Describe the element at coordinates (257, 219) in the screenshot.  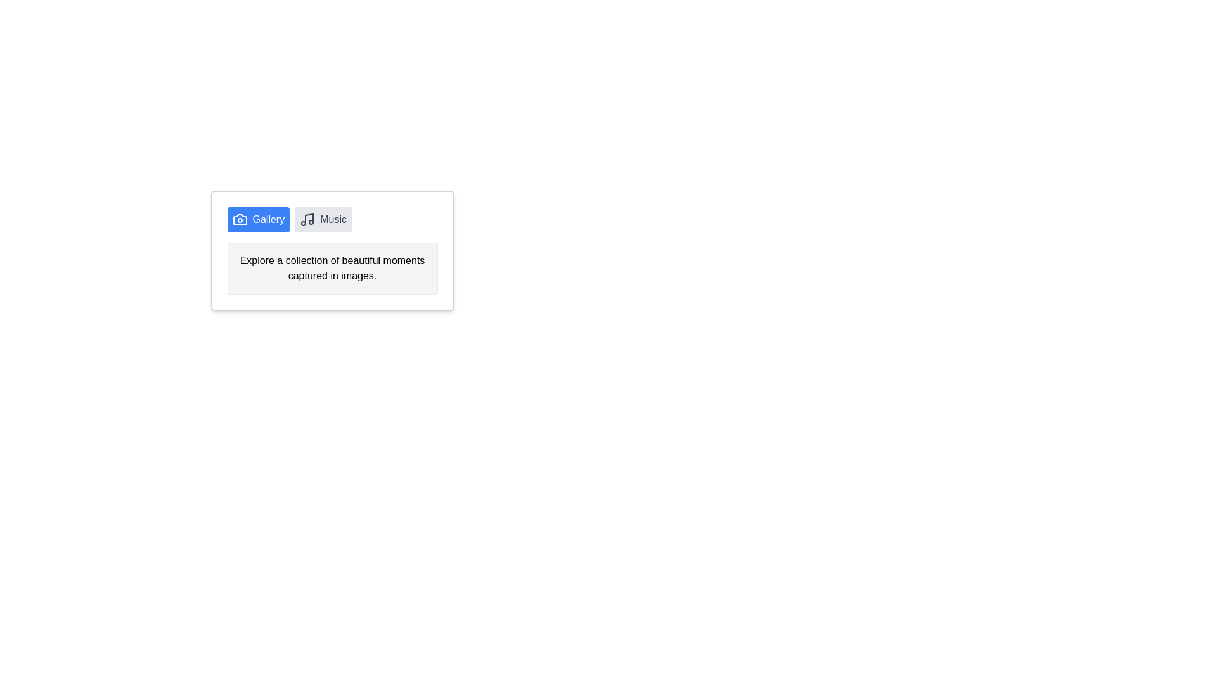
I see `the 'Gallery' tab button to switch to its content` at that location.